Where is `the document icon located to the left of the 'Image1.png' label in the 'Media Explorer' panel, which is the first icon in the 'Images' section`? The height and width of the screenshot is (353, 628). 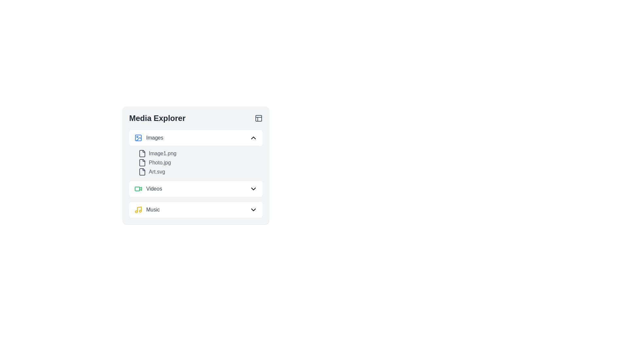 the document icon located to the left of the 'Image1.png' label in the 'Media Explorer' panel, which is the first icon in the 'Images' section is located at coordinates (142, 154).